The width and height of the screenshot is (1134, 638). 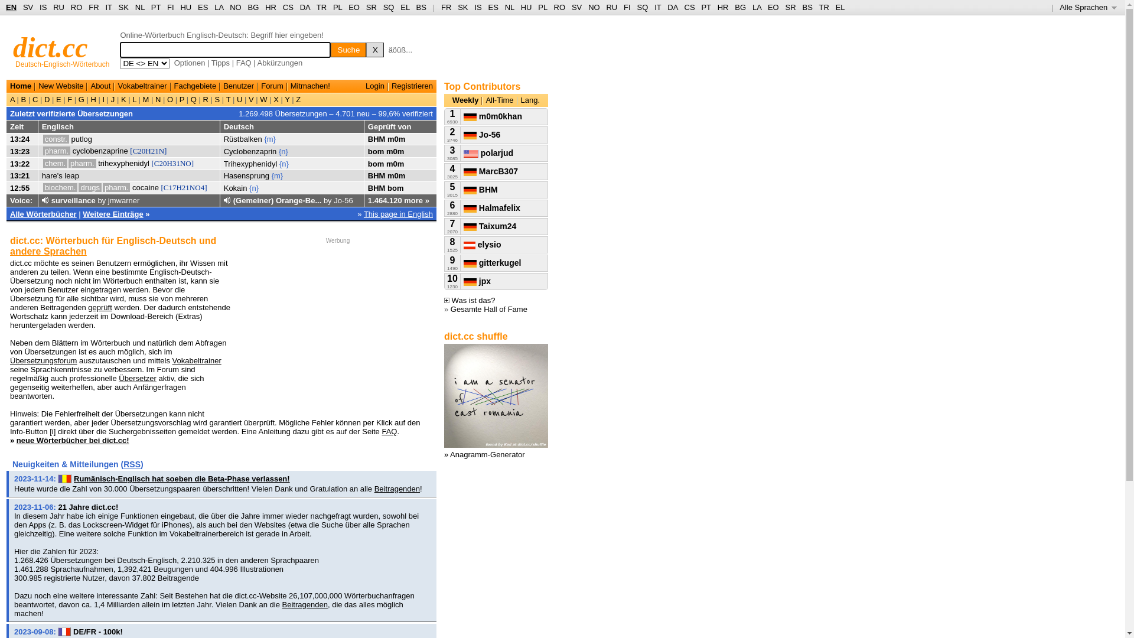 I want to click on 'Beitragenden', so click(x=305, y=604).